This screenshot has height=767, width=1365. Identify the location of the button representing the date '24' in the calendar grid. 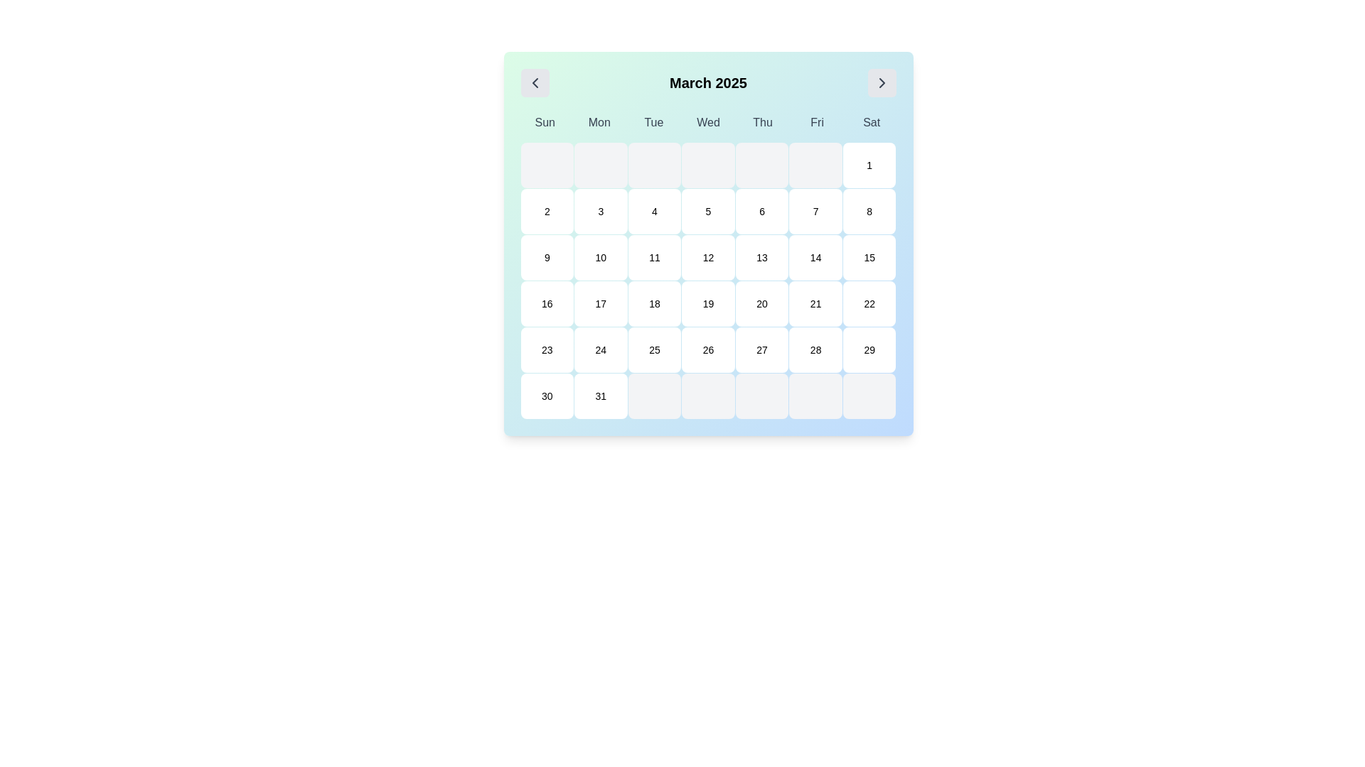
(601, 350).